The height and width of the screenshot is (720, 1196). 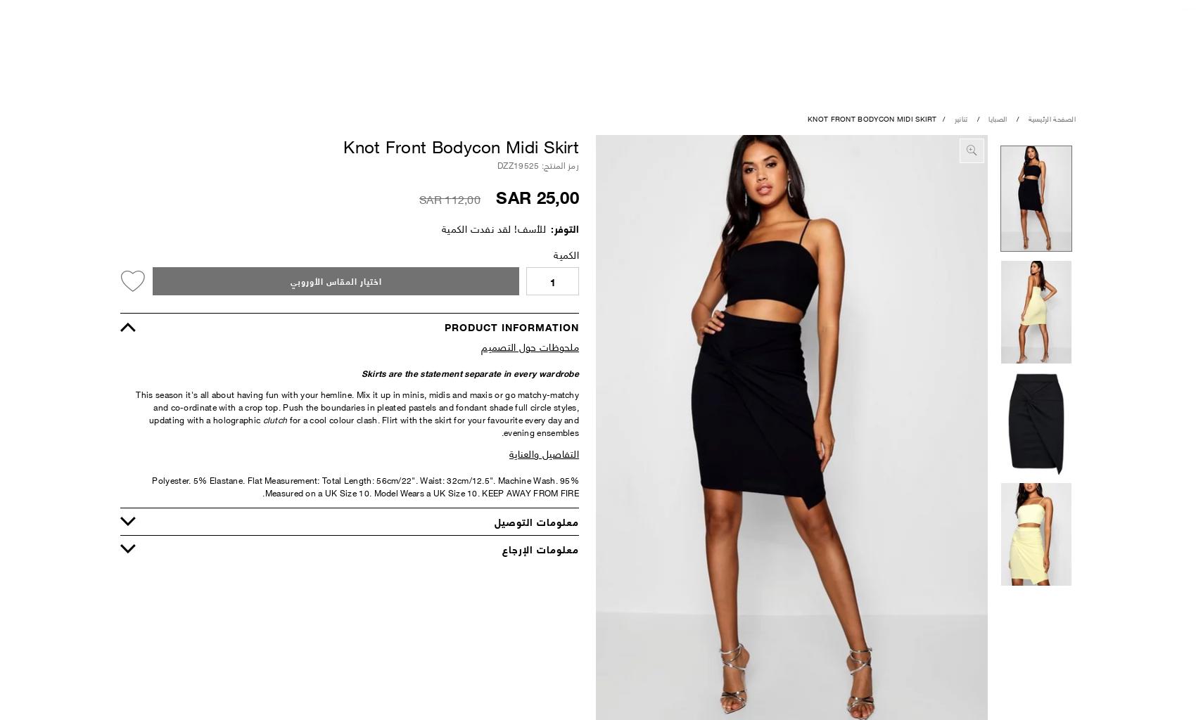 I want to click on 'مقاس 38', so click(x=532, y=219).